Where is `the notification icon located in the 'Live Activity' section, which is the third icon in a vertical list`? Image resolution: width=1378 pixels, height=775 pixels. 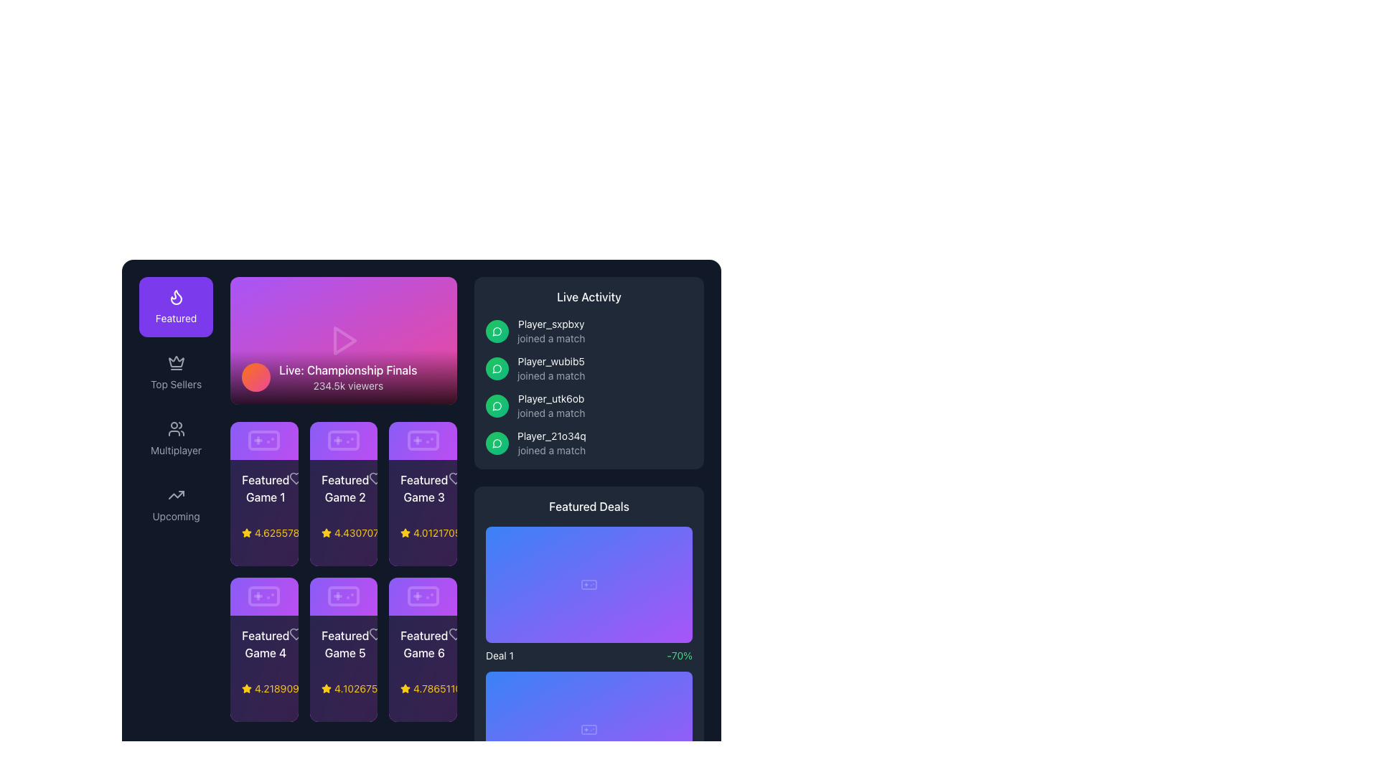 the notification icon located in the 'Live Activity' section, which is the third icon in a vertical list is located at coordinates (497, 406).